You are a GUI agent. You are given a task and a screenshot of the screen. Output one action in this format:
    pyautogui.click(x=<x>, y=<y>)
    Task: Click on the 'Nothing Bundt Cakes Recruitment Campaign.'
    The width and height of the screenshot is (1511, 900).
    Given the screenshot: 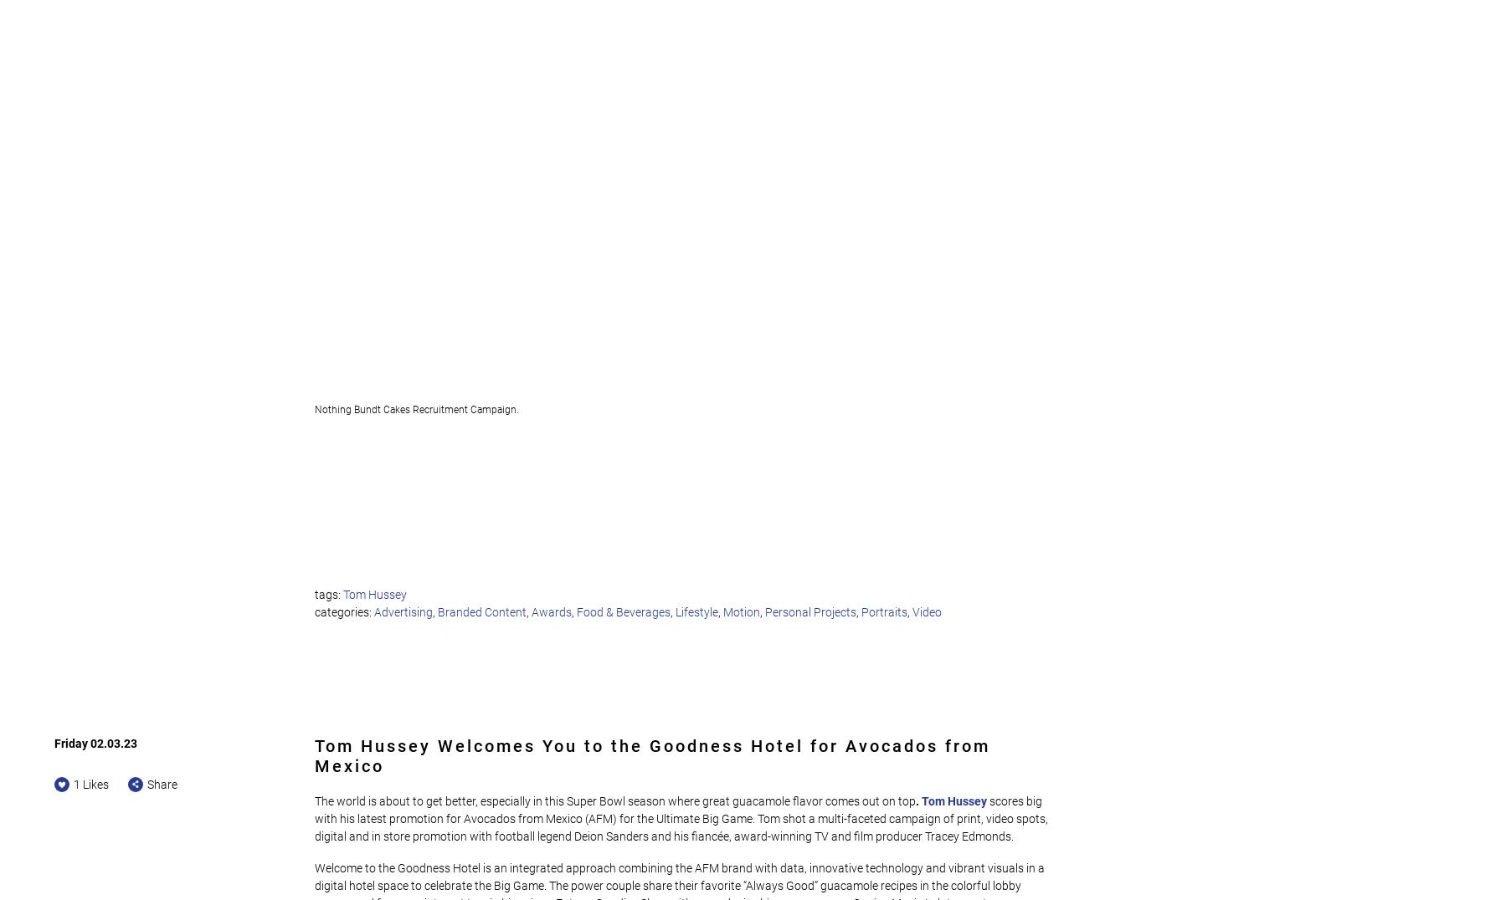 What is the action you would take?
    pyautogui.click(x=314, y=408)
    